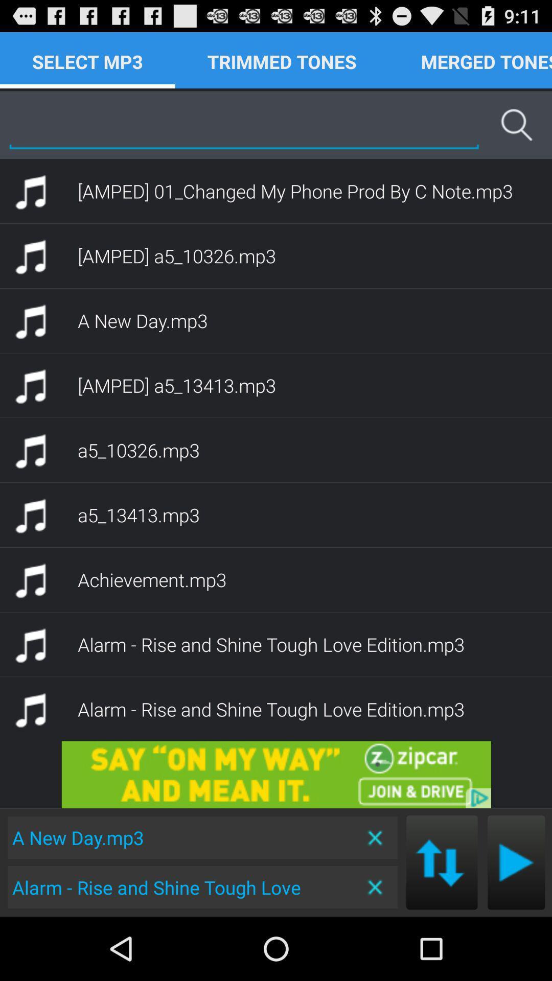  What do you see at coordinates (244, 124) in the screenshot?
I see `search` at bounding box center [244, 124].